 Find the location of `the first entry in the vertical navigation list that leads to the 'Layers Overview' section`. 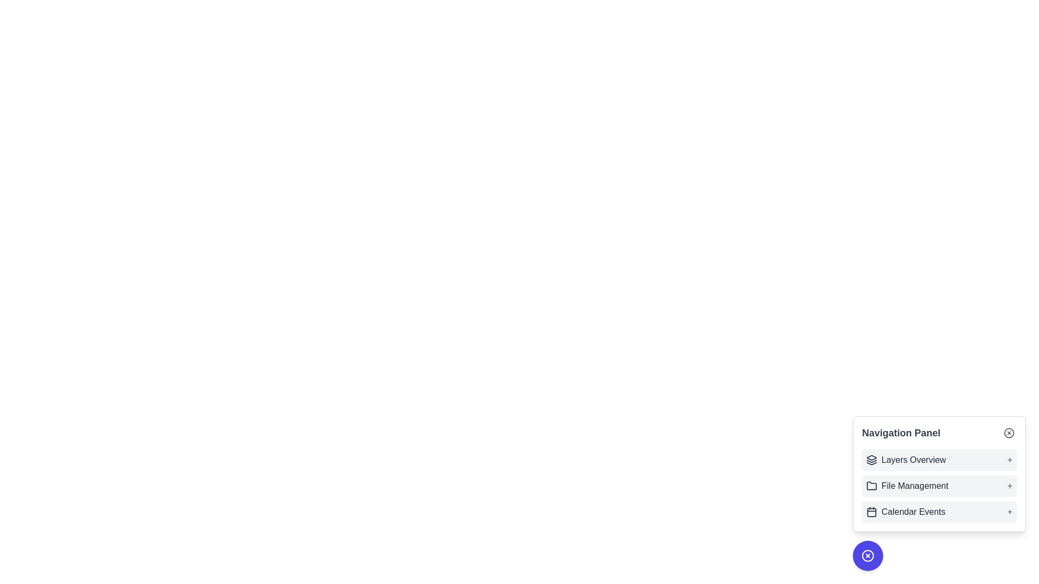

the first entry in the vertical navigation list that leads to the 'Layers Overview' section is located at coordinates (939, 460).